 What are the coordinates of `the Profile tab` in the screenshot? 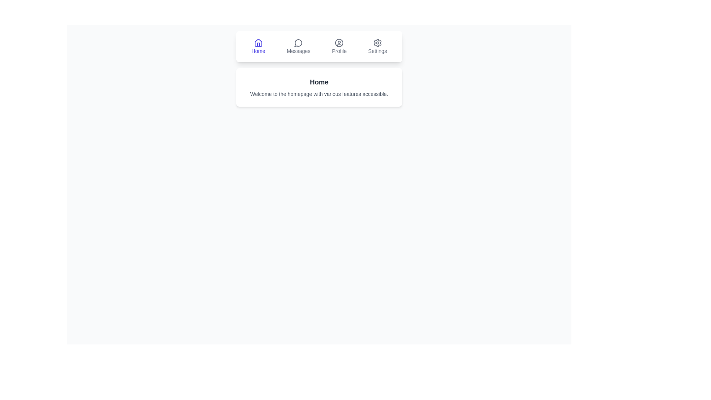 It's located at (339, 47).